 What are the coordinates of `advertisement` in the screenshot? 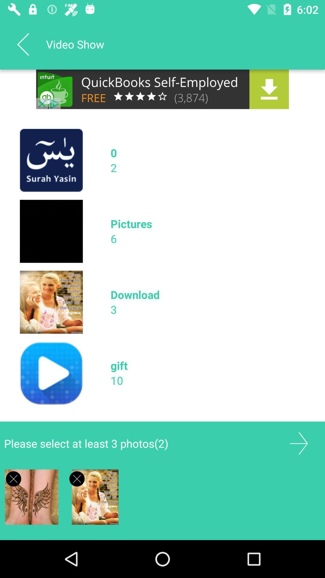 It's located at (162, 89).